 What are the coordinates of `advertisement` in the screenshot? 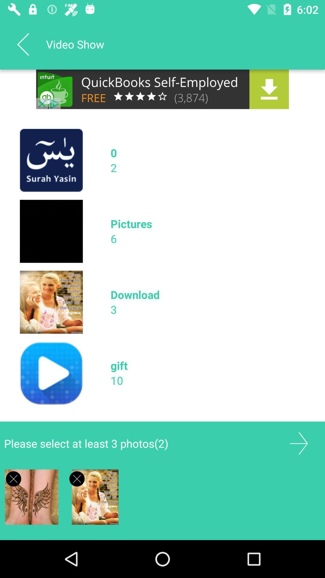 It's located at (162, 89).